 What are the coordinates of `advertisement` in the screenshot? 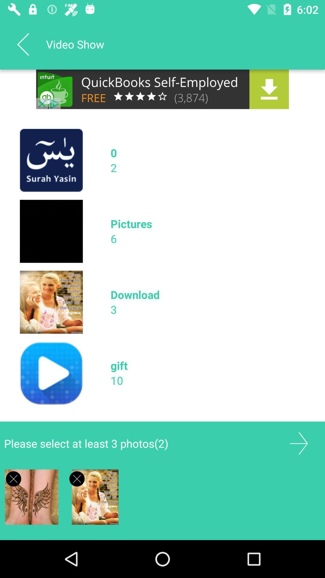 It's located at (162, 89).